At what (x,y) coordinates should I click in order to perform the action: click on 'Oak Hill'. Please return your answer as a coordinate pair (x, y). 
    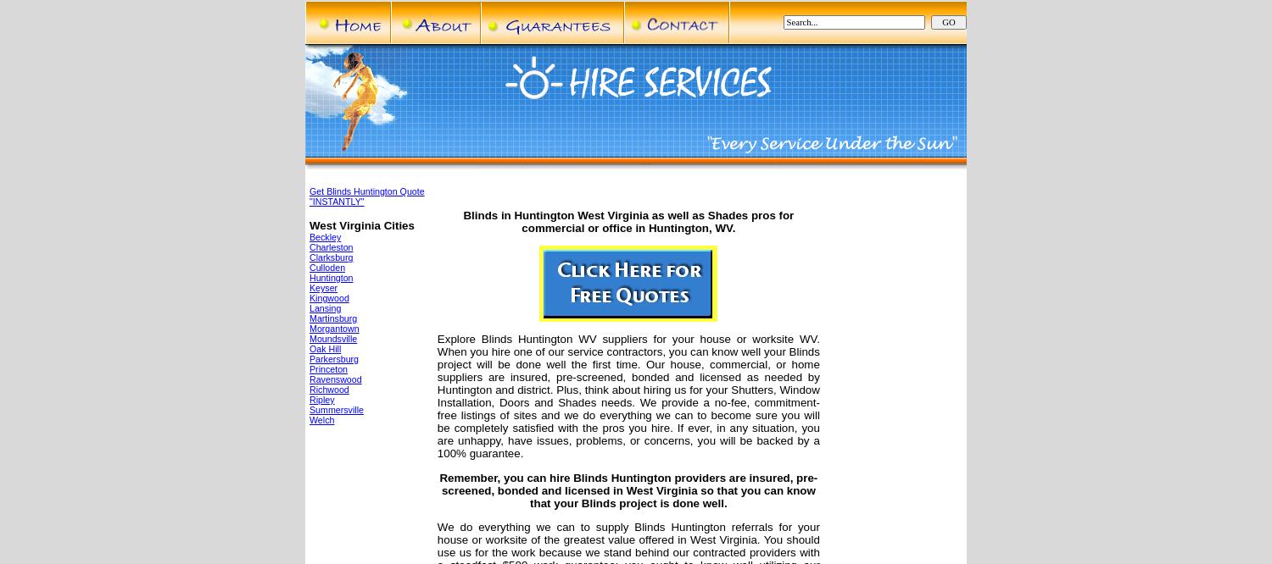
    Looking at the image, I should click on (325, 347).